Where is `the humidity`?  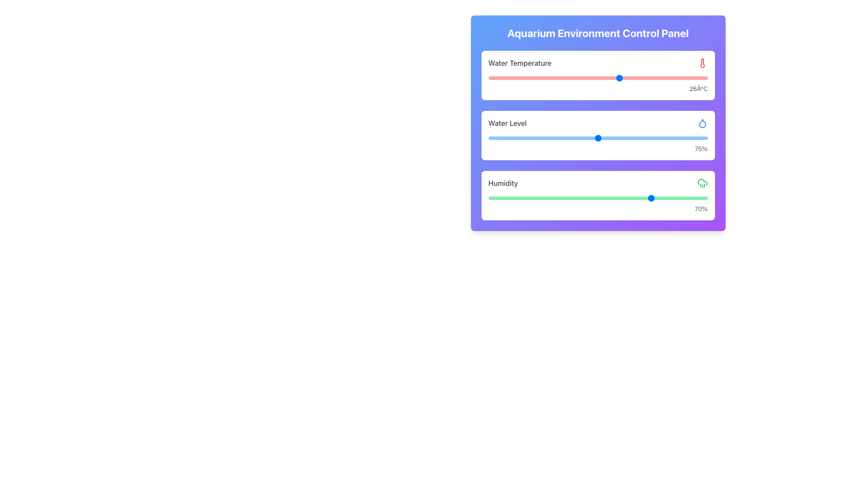
the humidity is located at coordinates (636, 197).